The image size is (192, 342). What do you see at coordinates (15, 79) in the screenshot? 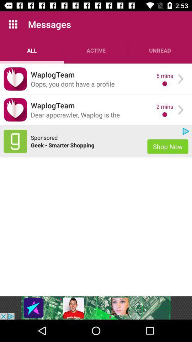
I see `favorite` at bounding box center [15, 79].